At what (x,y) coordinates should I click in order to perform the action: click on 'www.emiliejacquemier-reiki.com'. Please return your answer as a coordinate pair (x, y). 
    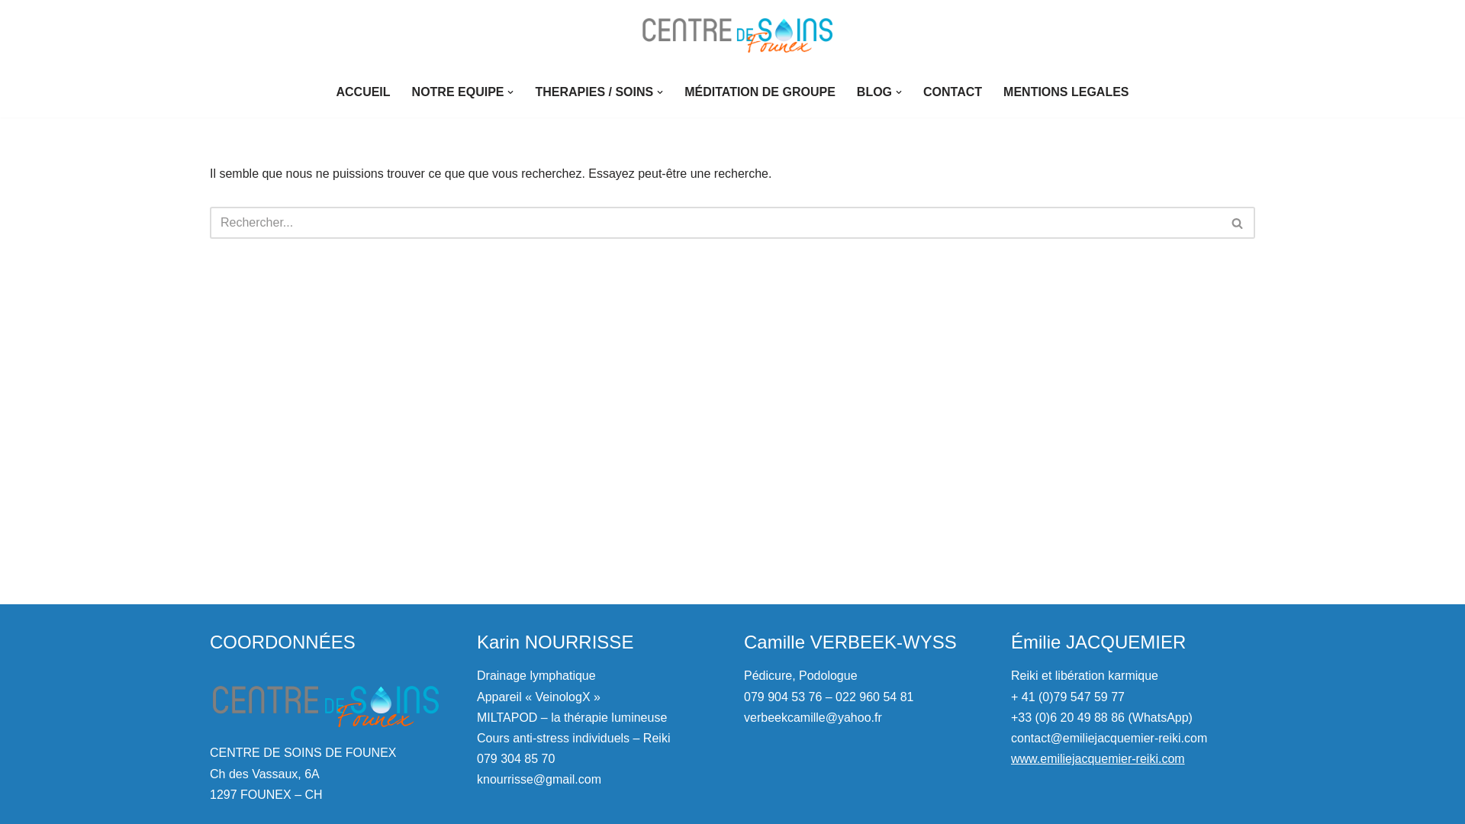
    Looking at the image, I should click on (1010, 758).